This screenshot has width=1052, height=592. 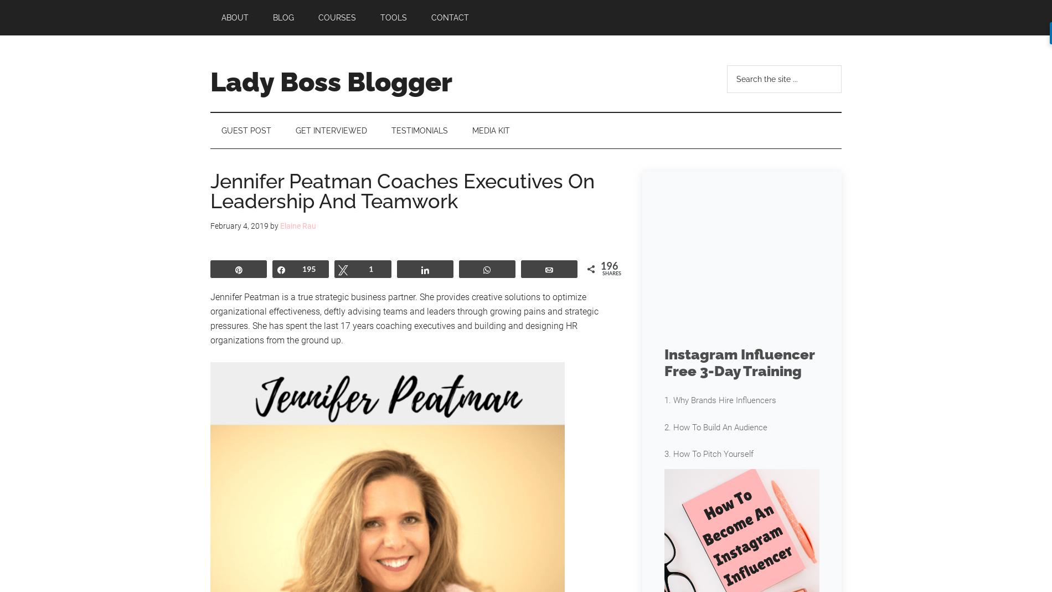 What do you see at coordinates (234, 17) in the screenshot?
I see `'About'` at bounding box center [234, 17].